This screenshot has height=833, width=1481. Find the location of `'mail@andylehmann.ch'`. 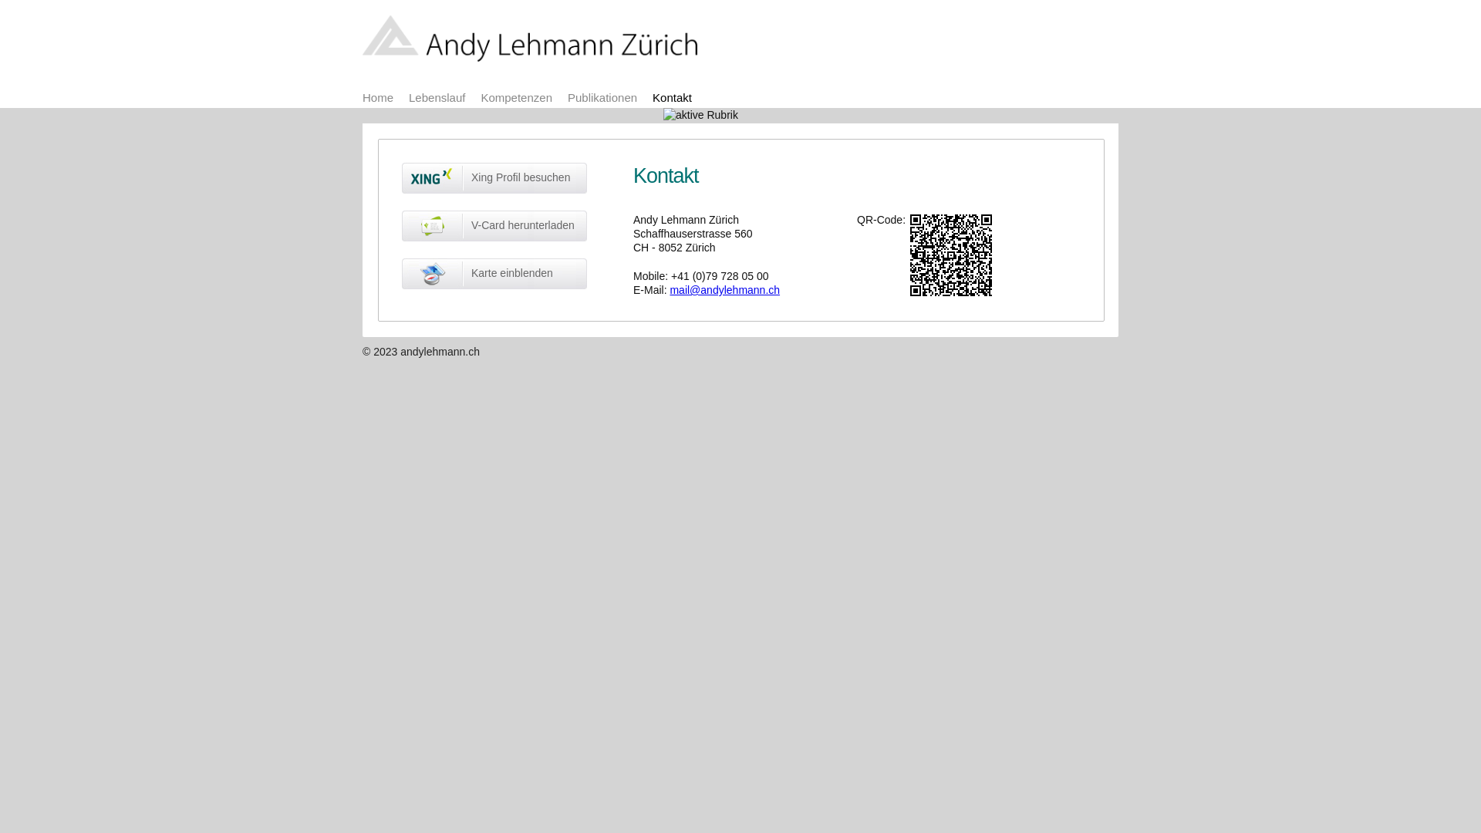

'mail@andylehmann.ch' is located at coordinates (670, 289).